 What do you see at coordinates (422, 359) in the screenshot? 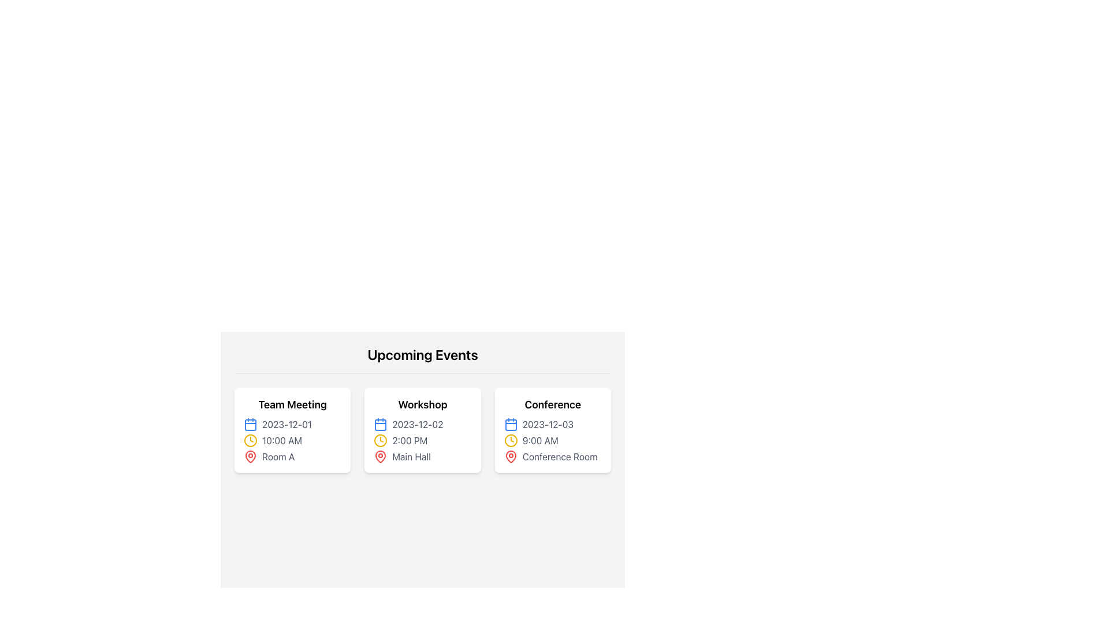
I see `text content of the 'Upcoming Events' label, which is a bold, large font heading at the top of the section with a border below it` at bounding box center [422, 359].